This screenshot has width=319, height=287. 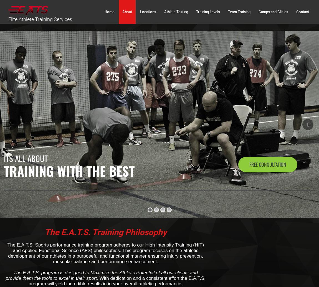 I want to click on 'With dedication and a consistent effort the E.A.T.S. program will yield incredible results in in your overall athletic performance.', so click(x=117, y=281).